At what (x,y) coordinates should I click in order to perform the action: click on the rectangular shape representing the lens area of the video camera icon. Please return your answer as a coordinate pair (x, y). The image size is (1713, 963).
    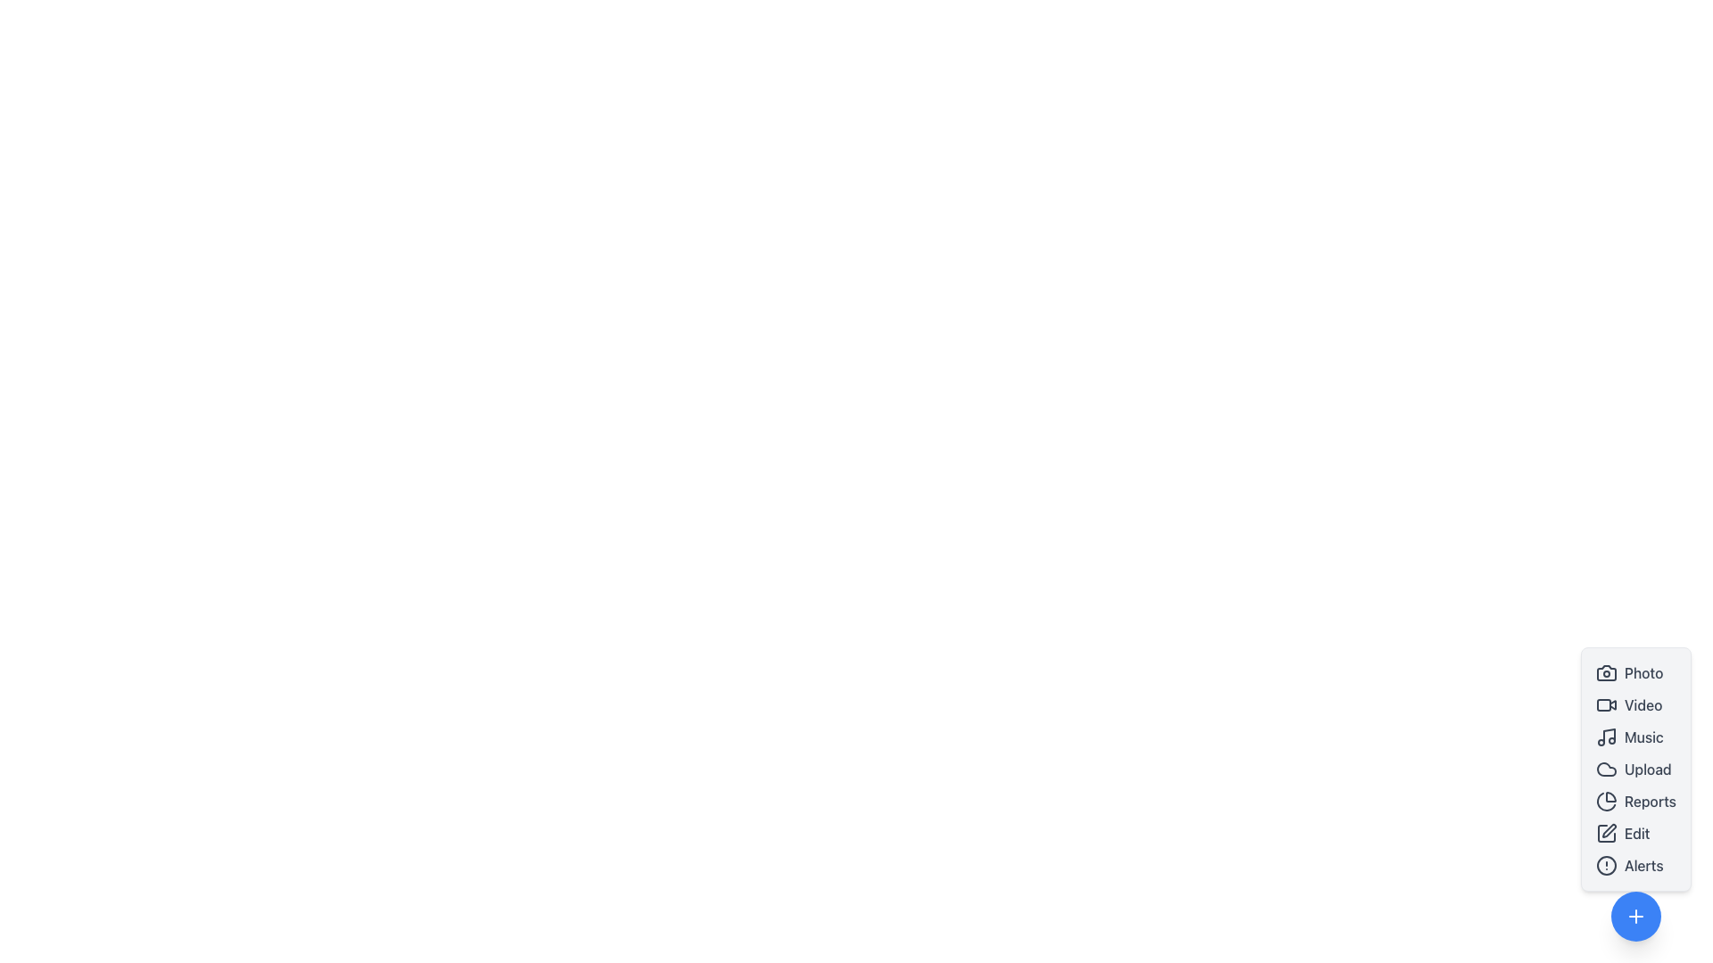
    Looking at the image, I should click on (1603, 704).